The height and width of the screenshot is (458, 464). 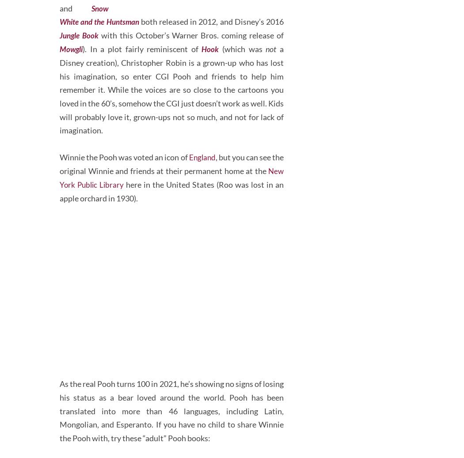 I want to click on '(which was', so click(x=263, y=80).